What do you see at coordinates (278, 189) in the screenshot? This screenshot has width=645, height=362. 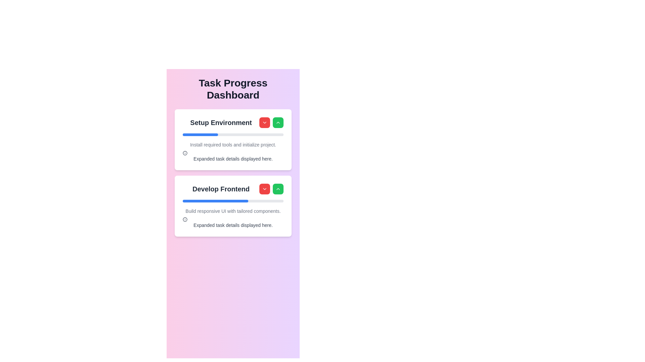 I see `the small upward-pointing chevron icon located within the green circular button on the 'Setup Environment' card to observe potential changes or tooltips` at bounding box center [278, 189].